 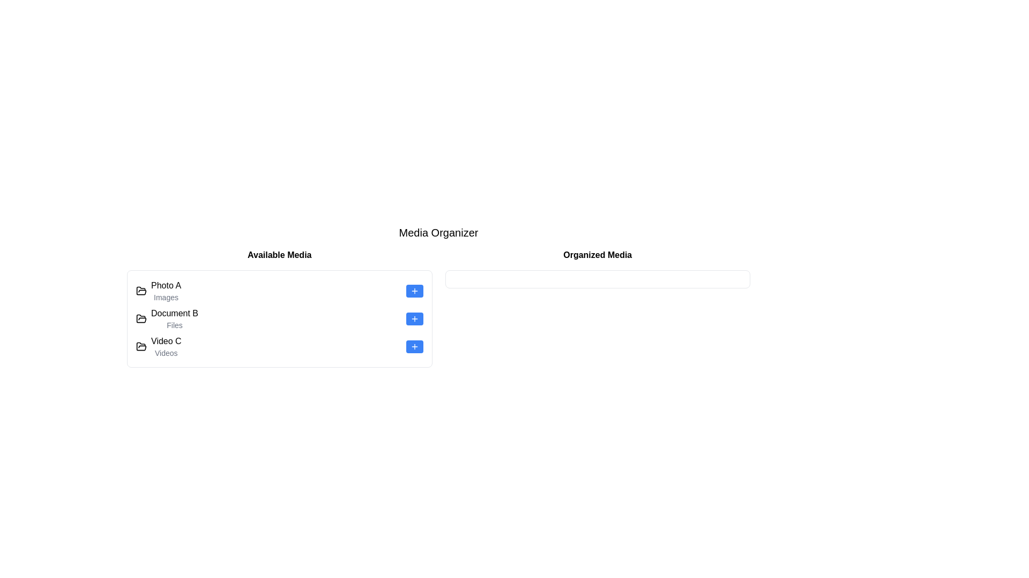 What do you see at coordinates (141, 318) in the screenshot?
I see `the folder icon, which is a minimalistic outline representation of file storage, located to the left of the text in 'Document B'` at bounding box center [141, 318].